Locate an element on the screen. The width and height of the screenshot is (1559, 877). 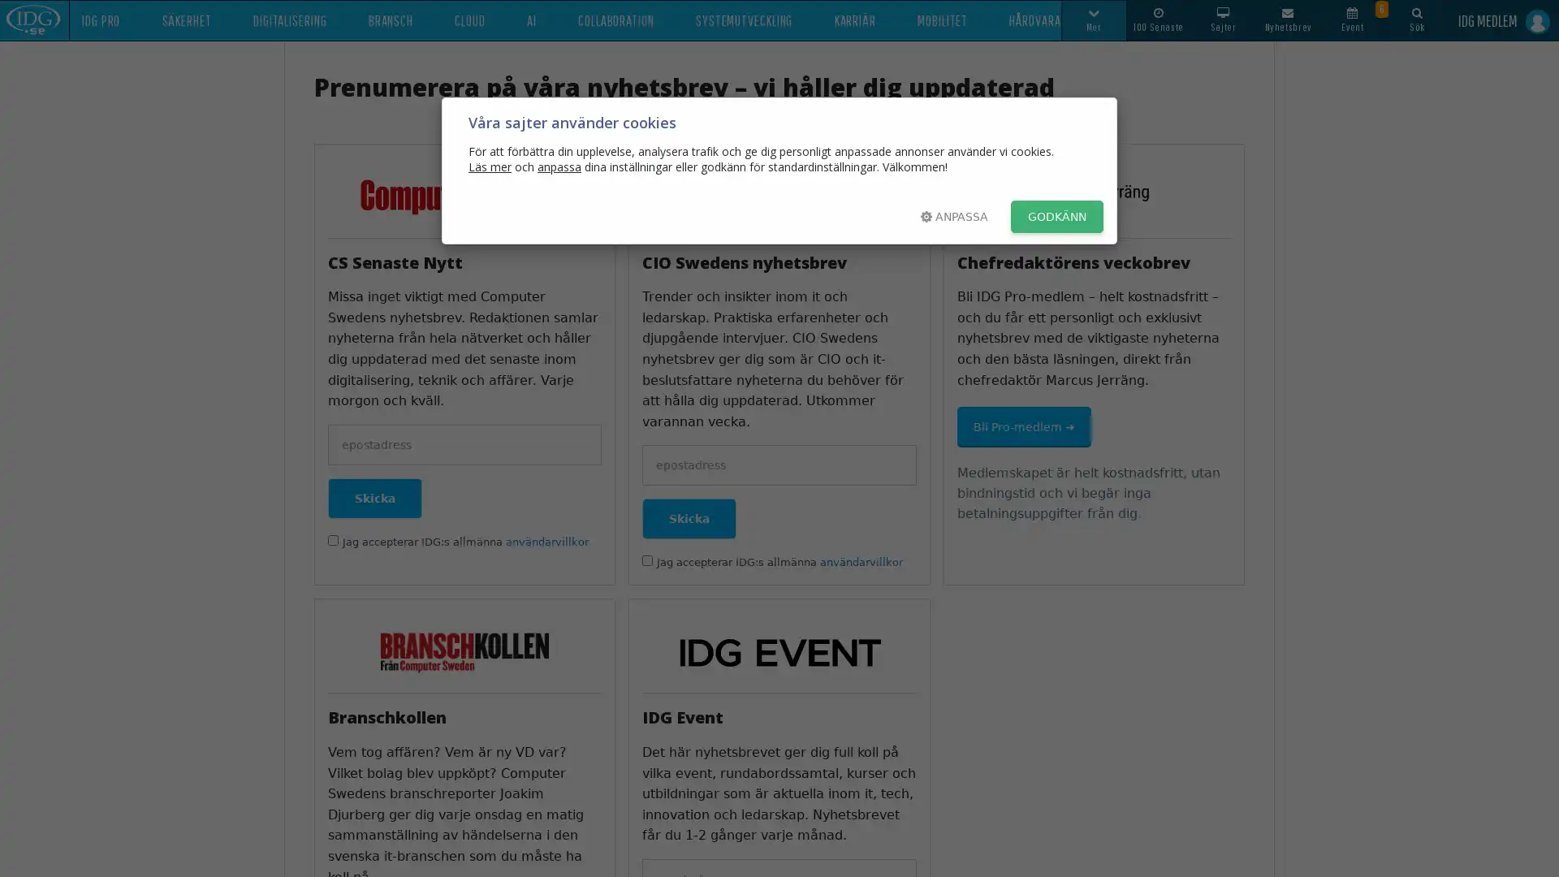
GODKANN is located at coordinates (1056, 215).